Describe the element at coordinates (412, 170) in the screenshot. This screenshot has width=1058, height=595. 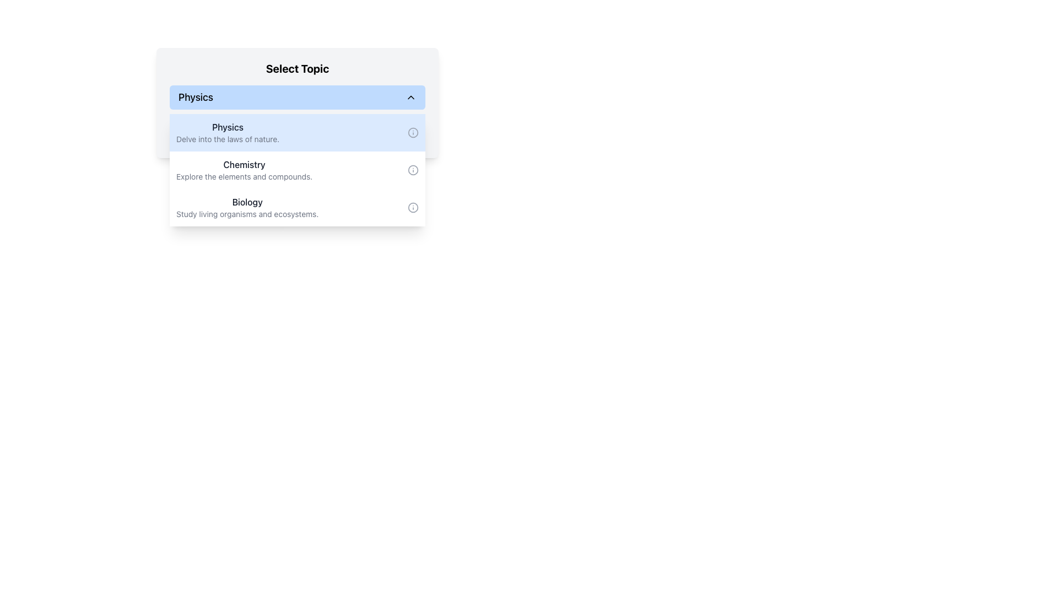
I see `the circular SVG element that is part of the 'info' icon, positioned to the right of the 'Chemistry' label in the dropdown menu` at that location.